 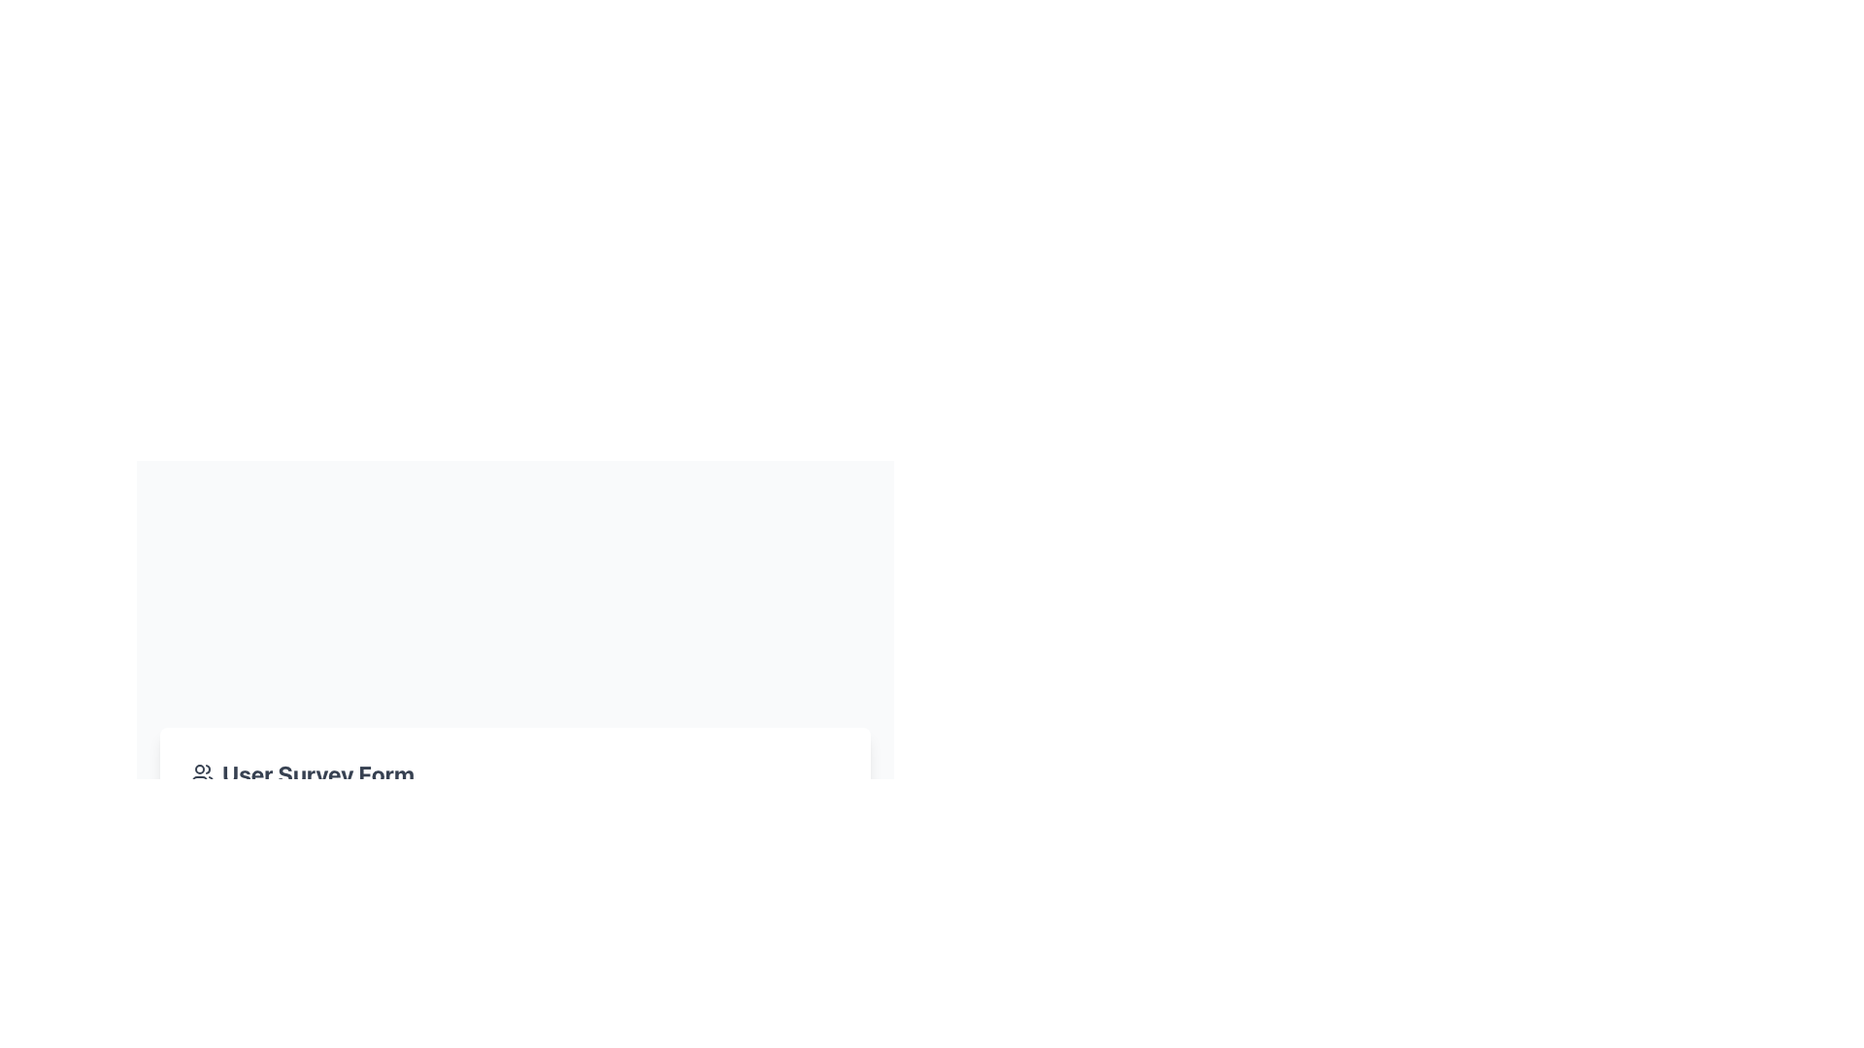 What do you see at coordinates (203, 773) in the screenshot?
I see `the user group icon, which is an SVG representation with two circular shapes for heads, located to the left of the text 'User Survey Form'` at bounding box center [203, 773].